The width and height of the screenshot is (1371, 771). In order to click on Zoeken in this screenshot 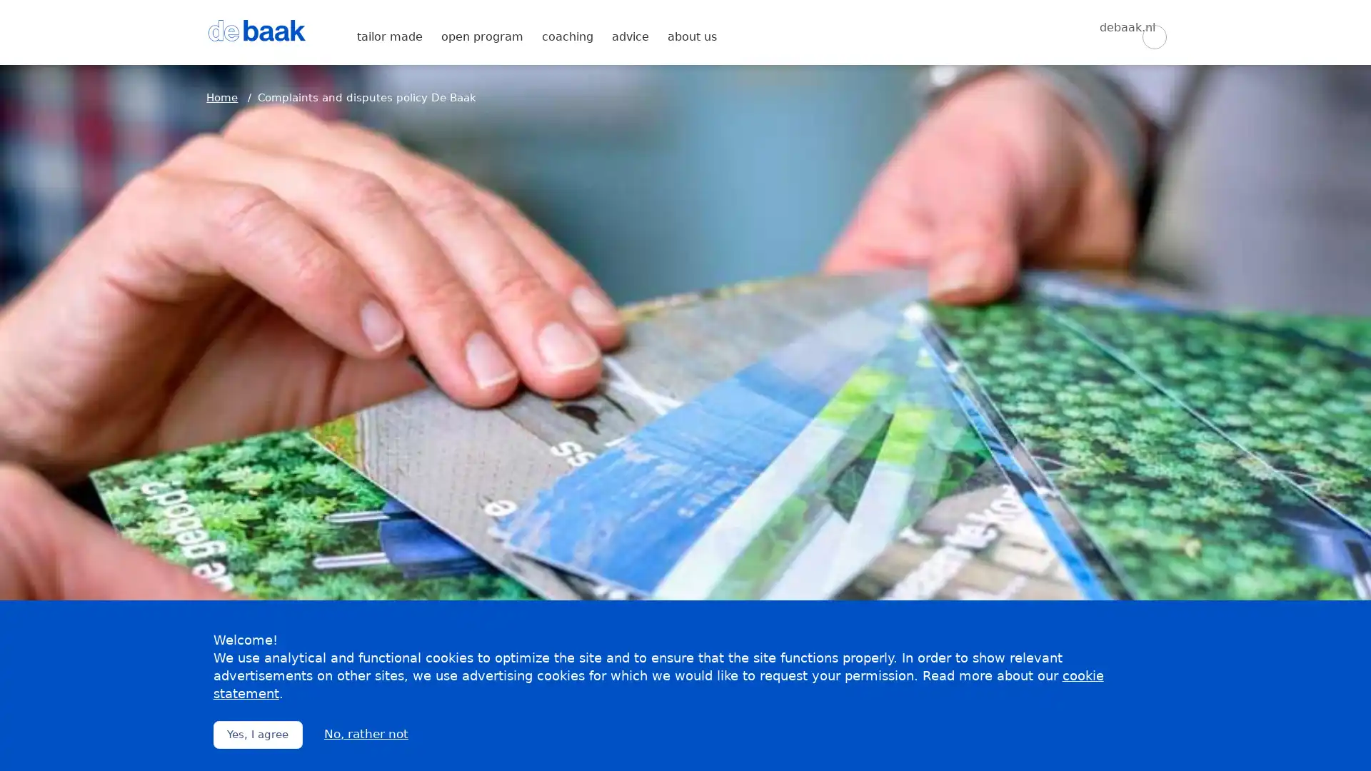, I will do `click(1162, 74)`.